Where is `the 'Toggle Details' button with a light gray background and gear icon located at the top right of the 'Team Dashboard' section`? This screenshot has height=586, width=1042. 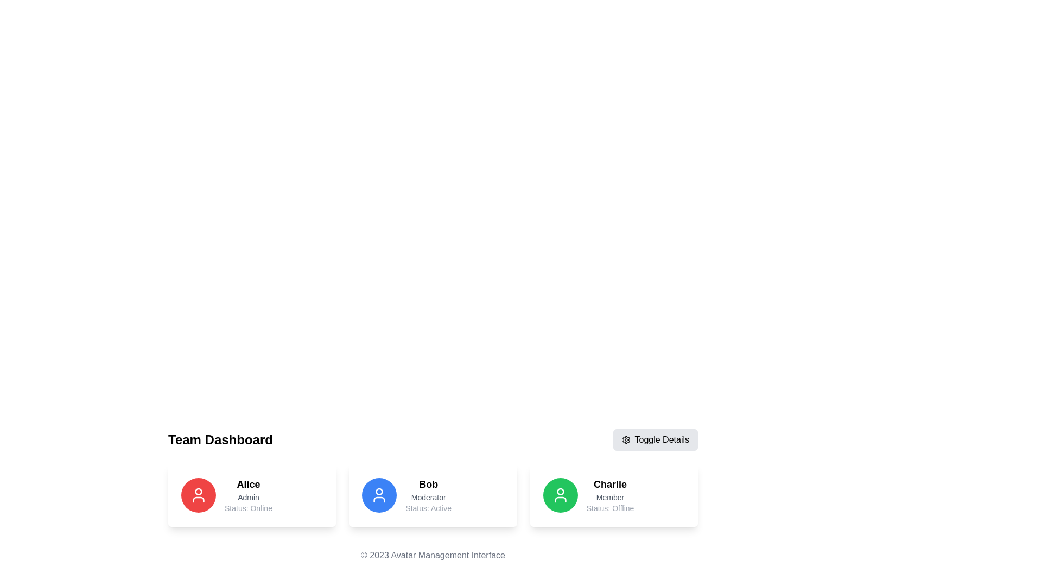 the 'Toggle Details' button with a light gray background and gear icon located at the top right of the 'Team Dashboard' section is located at coordinates (655, 439).